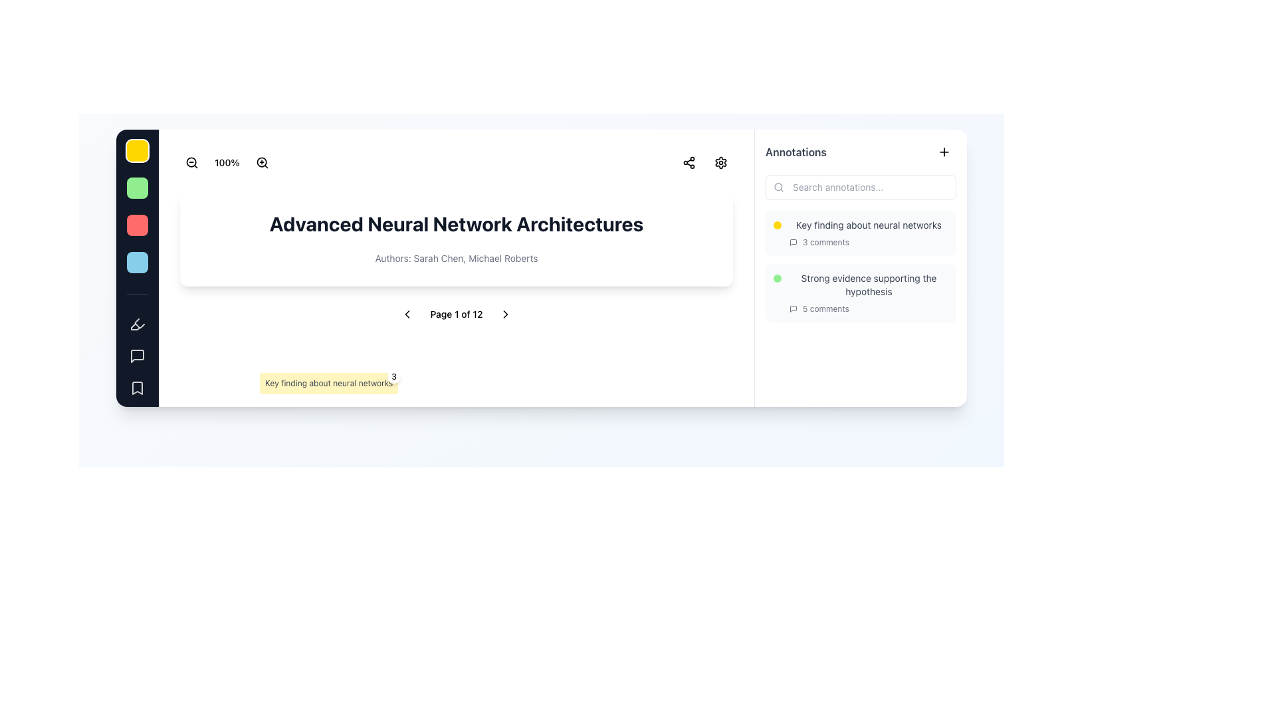 Image resolution: width=1276 pixels, height=718 pixels. What do you see at coordinates (137, 388) in the screenshot?
I see `the bookmark icon located at the bottom of the vertical menu bar` at bounding box center [137, 388].